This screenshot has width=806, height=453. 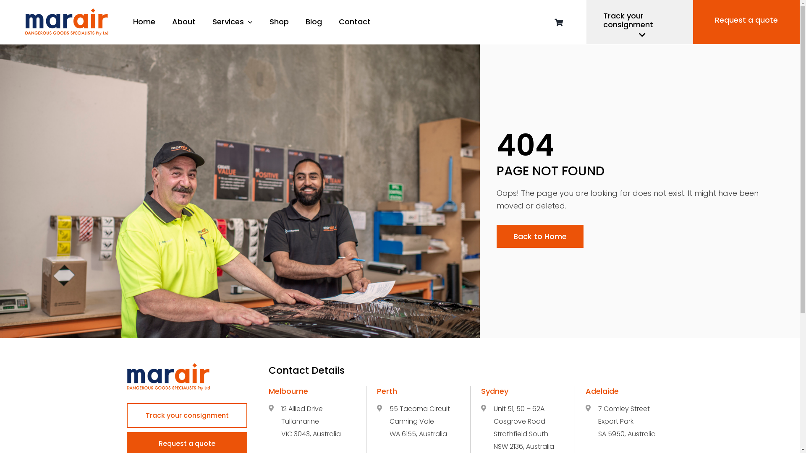 I want to click on 'Contact', so click(x=338, y=21).